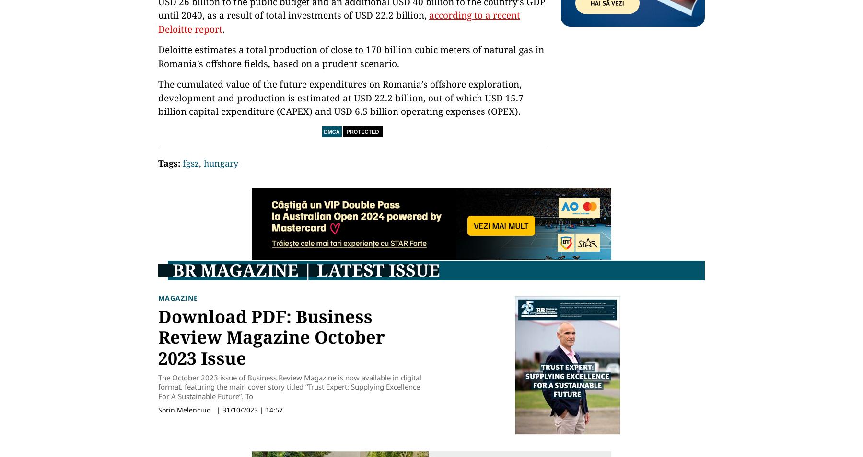 The image size is (863, 457). I want to click on '|', so click(218, 410).